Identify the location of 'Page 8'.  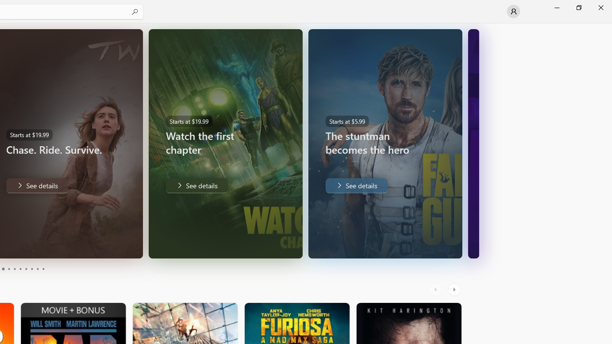
(31, 269).